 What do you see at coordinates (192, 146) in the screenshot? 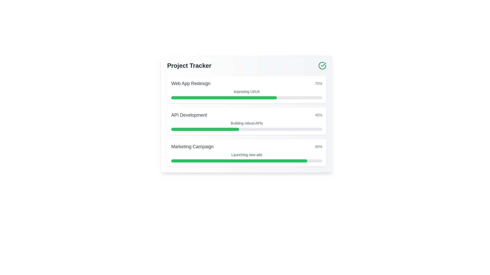
I see `the text label or heading that serves as a title for a task in the bottom task section of the project tracker interface` at bounding box center [192, 146].